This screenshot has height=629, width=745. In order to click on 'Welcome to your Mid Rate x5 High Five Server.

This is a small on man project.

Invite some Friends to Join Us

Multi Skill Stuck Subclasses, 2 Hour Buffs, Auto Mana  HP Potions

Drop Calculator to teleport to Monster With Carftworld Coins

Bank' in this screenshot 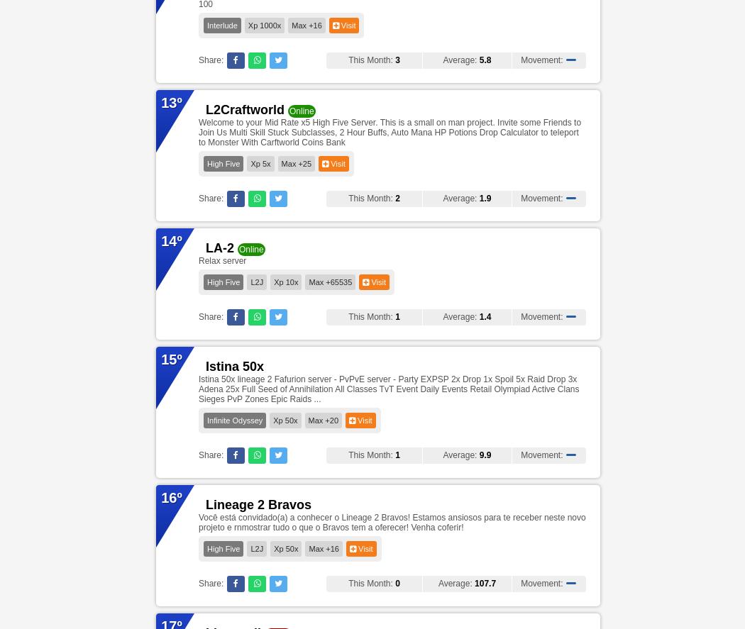, I will do `click(198, 131)`.